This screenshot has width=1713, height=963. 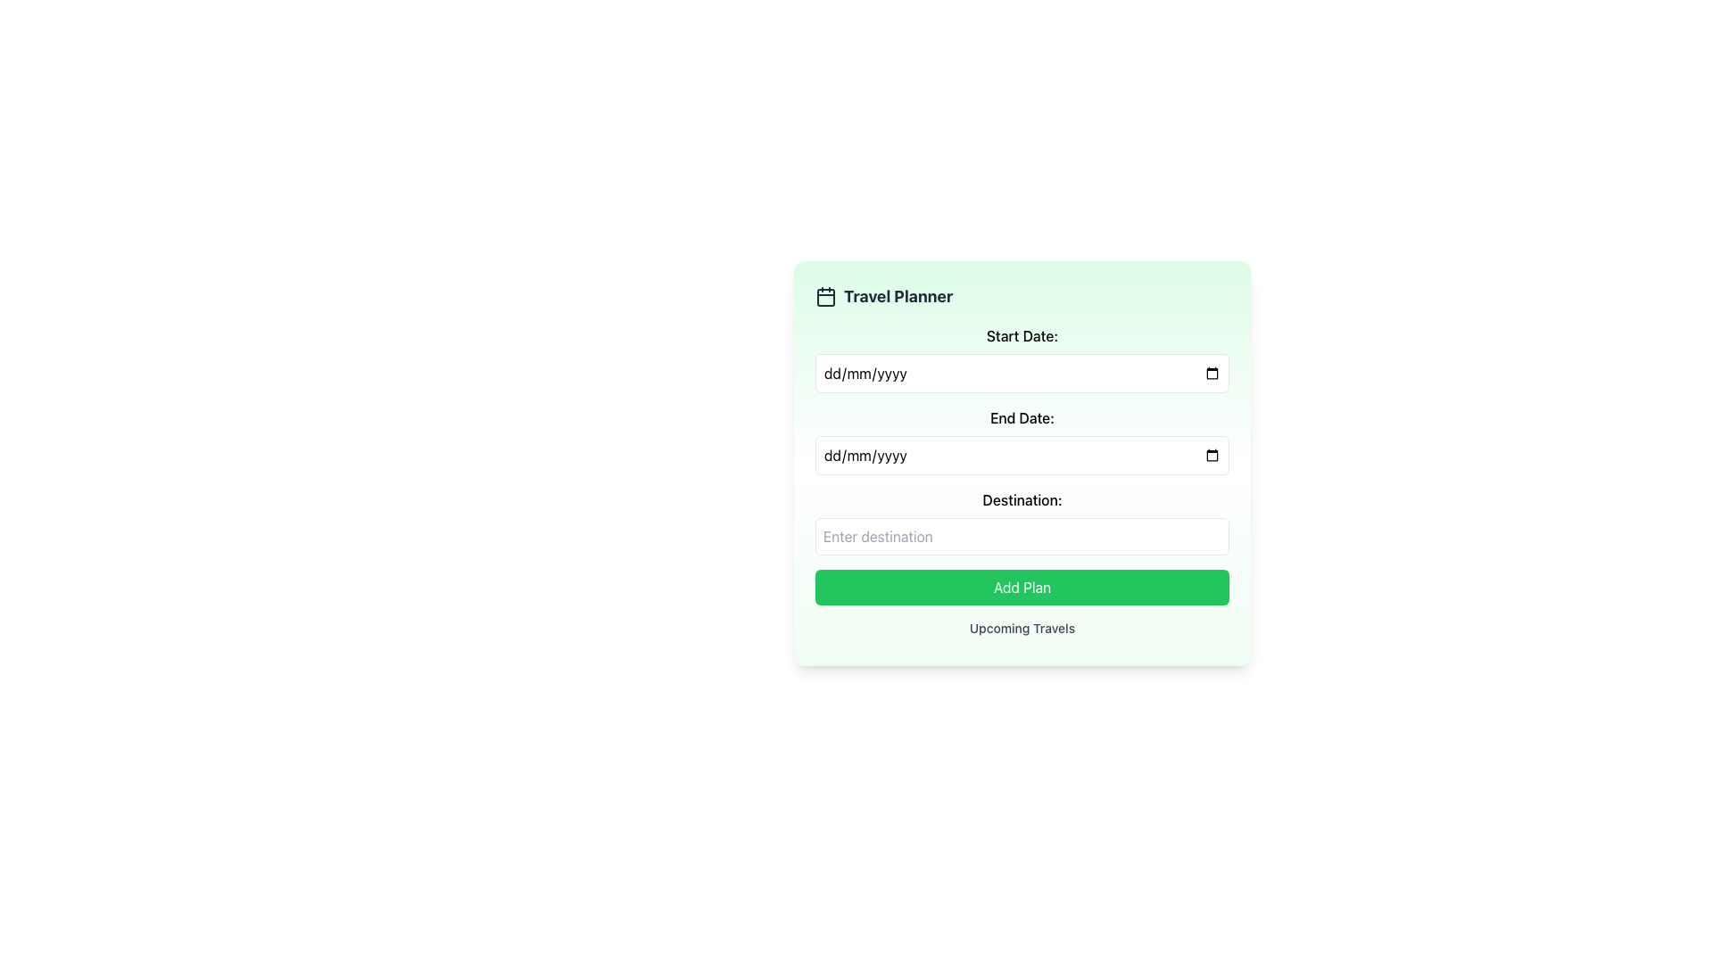 What do you see at coordinates (1022, 588) in the screenshot?
I see `the 'Add Plan' button, which is a rectangular button with white text on a green background, located below the date and destination input fields in the travel planner form` at bounding box center [1022, 588].